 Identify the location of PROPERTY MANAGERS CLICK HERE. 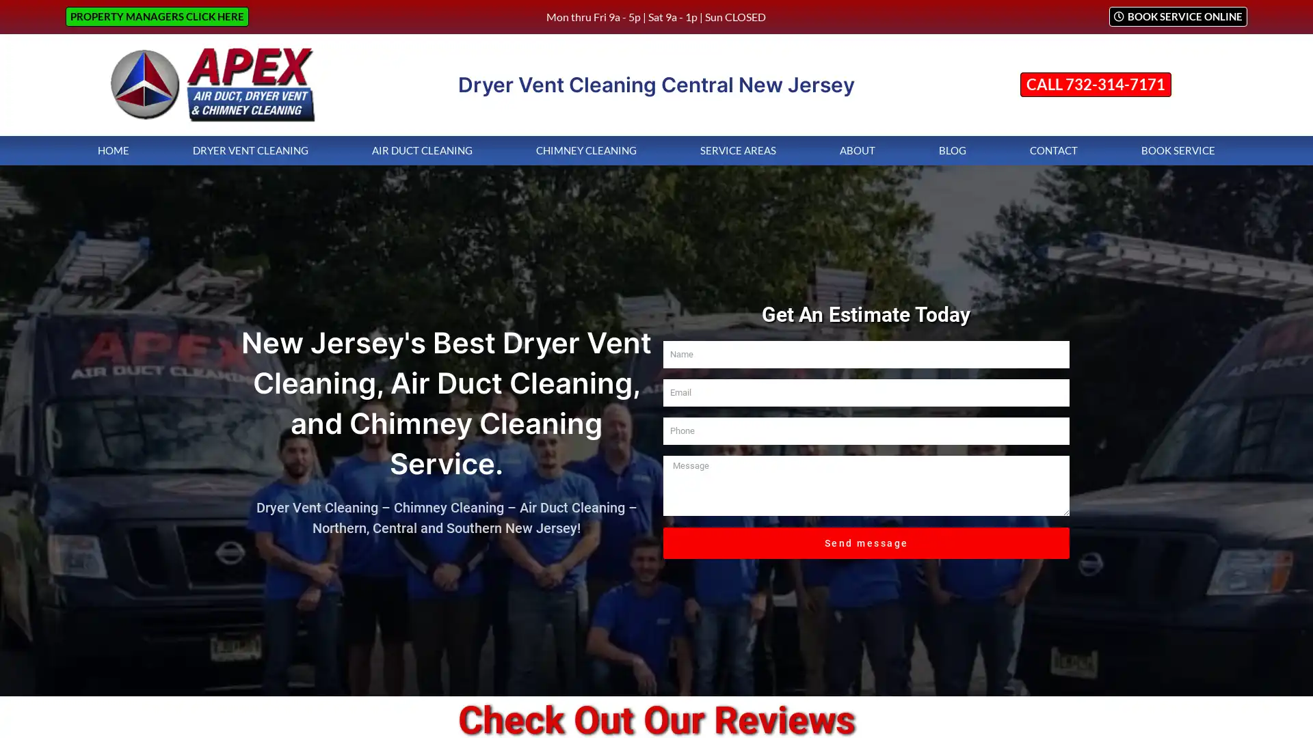
(157, 16).